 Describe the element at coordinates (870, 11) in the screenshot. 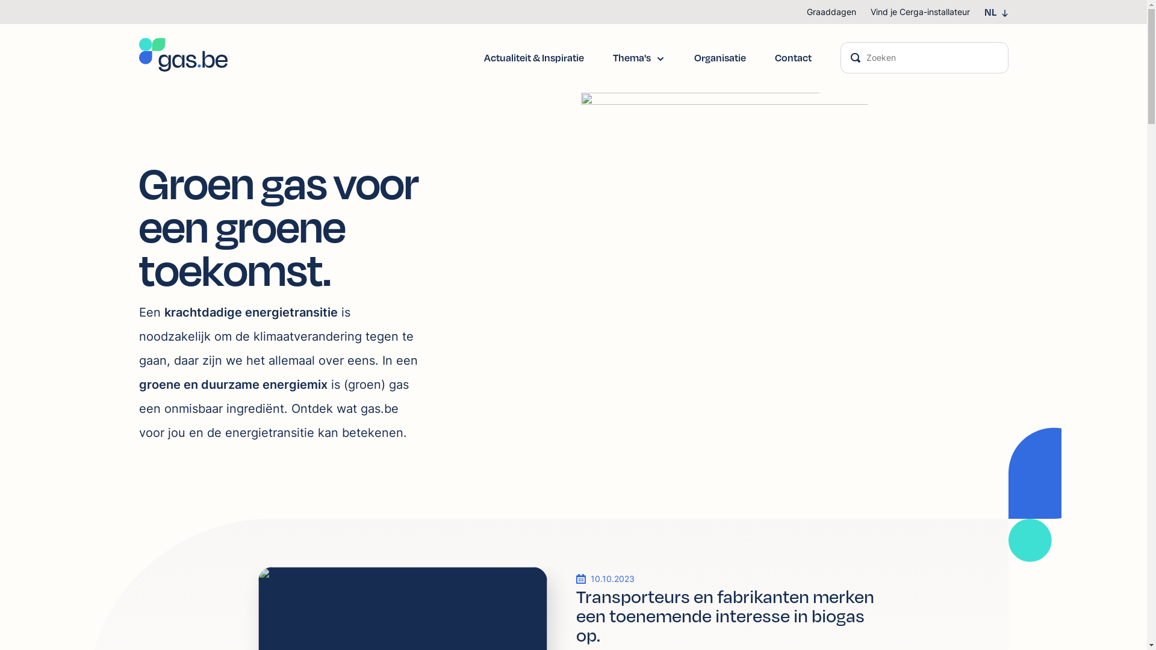

I see `'Vind je Cerga-installateur'` at that location.